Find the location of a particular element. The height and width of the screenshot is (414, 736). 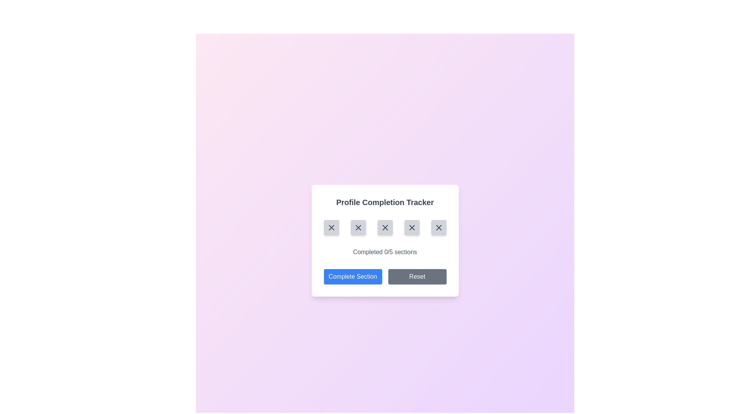

the circular Icon Button with a light gray background and dark gray 'X' icon in the 'Profile Completion Tracker' section, located to the left of the text 'Completed 0/5 sections' is located at coordinates (331, 227).